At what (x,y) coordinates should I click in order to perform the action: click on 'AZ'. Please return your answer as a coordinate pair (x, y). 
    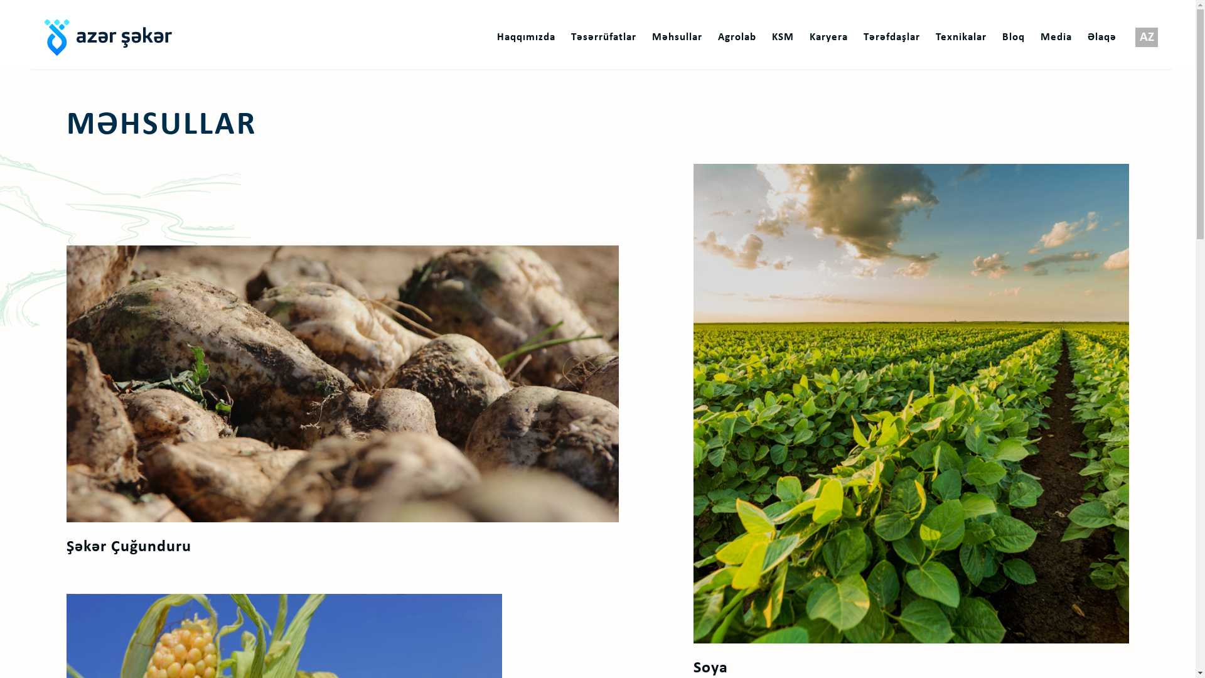
    Looking at the image, I should click on (1147, 37).